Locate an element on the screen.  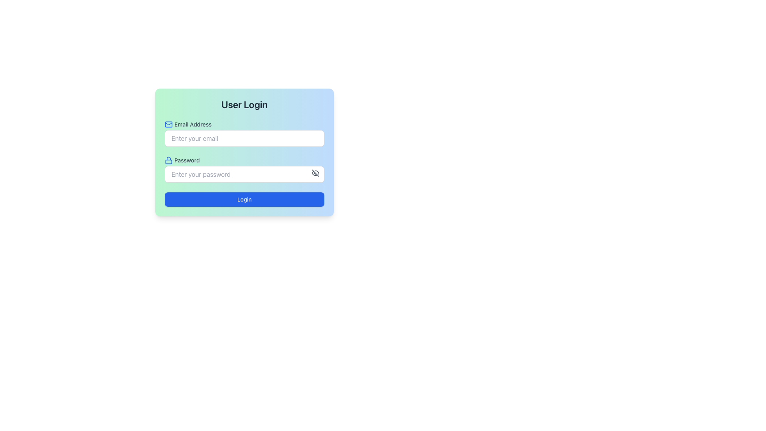
the email input icon located directly to the left of the 'Email Address' text in the login form, which serves as a visual indicator for the email input field is located at coordinates (168, 125).